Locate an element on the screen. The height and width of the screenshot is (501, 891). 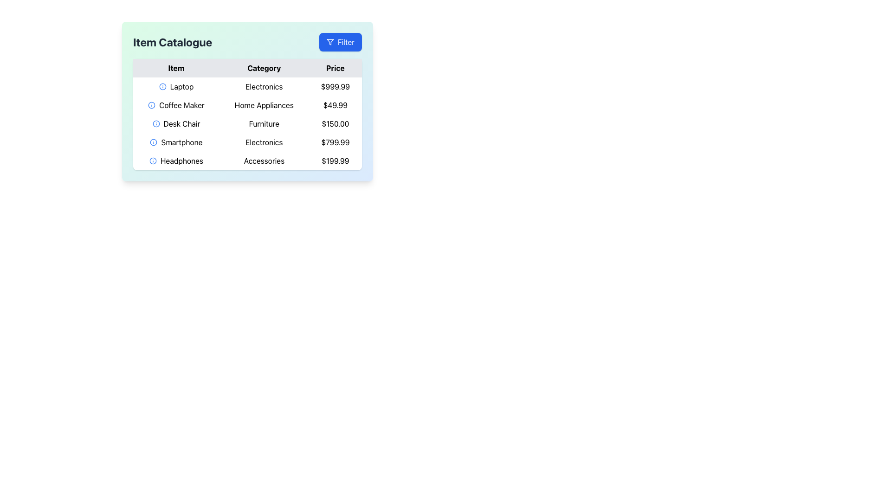
the circular shape in the information symbol icon located in the first column of the data table, corresponding to the 'Item' section in the first row, aligned with the 'Laptop' row is located at coordinates (162, 86).